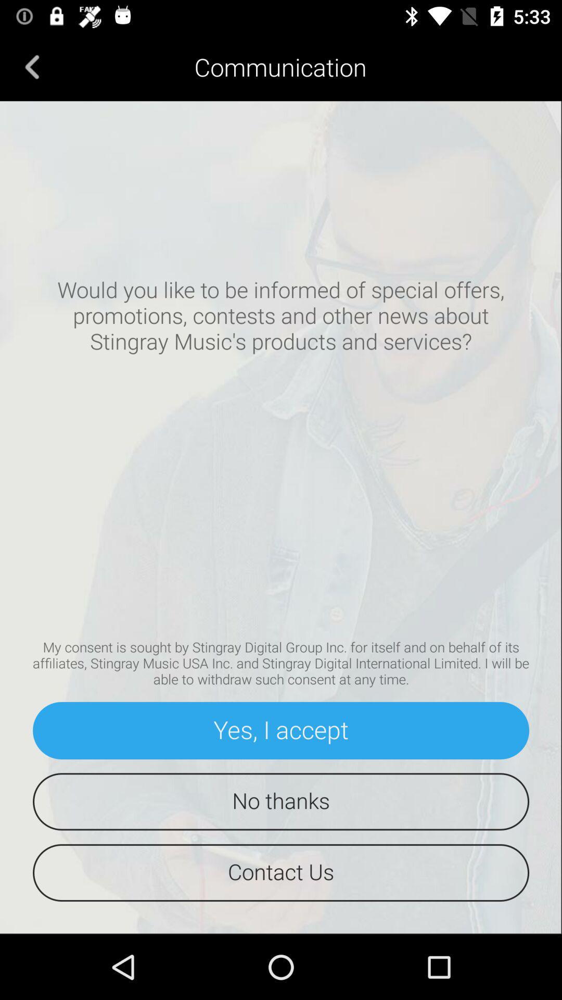 The height and width of the screenshot is (1000, 562). I want to click on contact us item, so click(281, 872).